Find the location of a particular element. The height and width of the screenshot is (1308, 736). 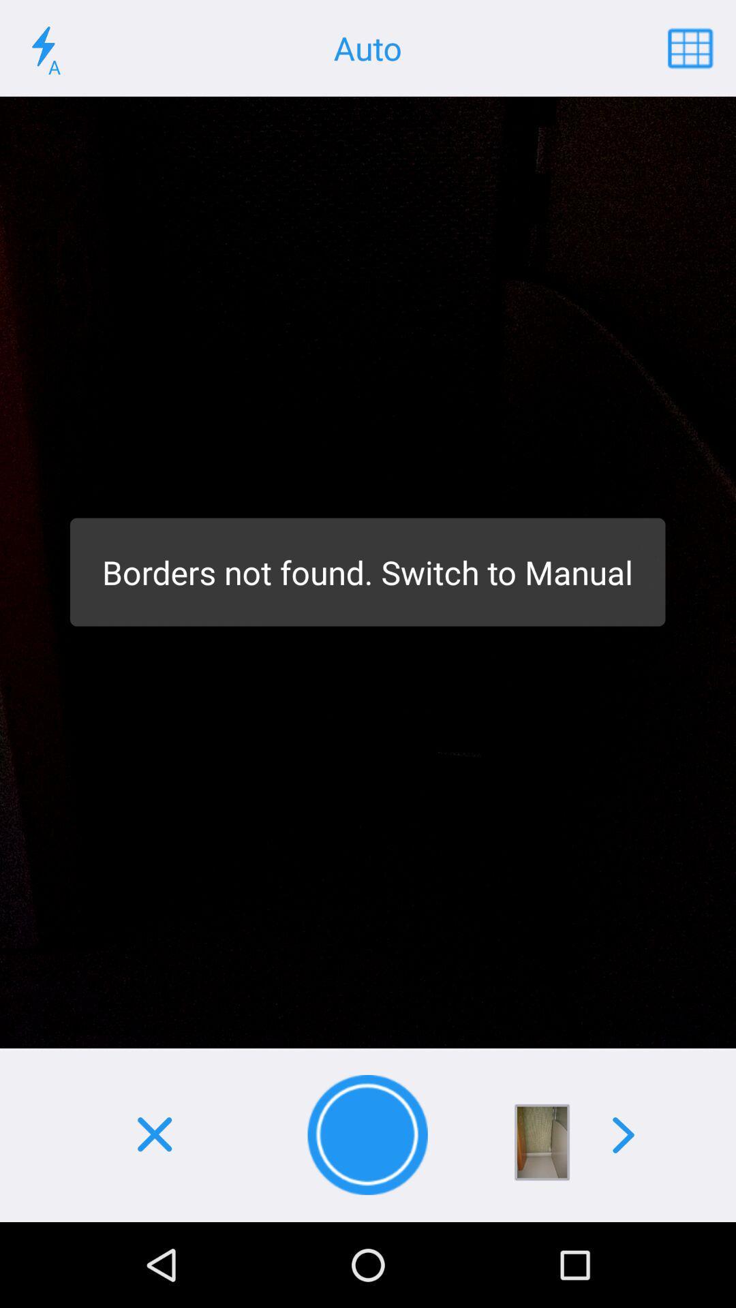

the close icon is located at coordinates (153, 1135).